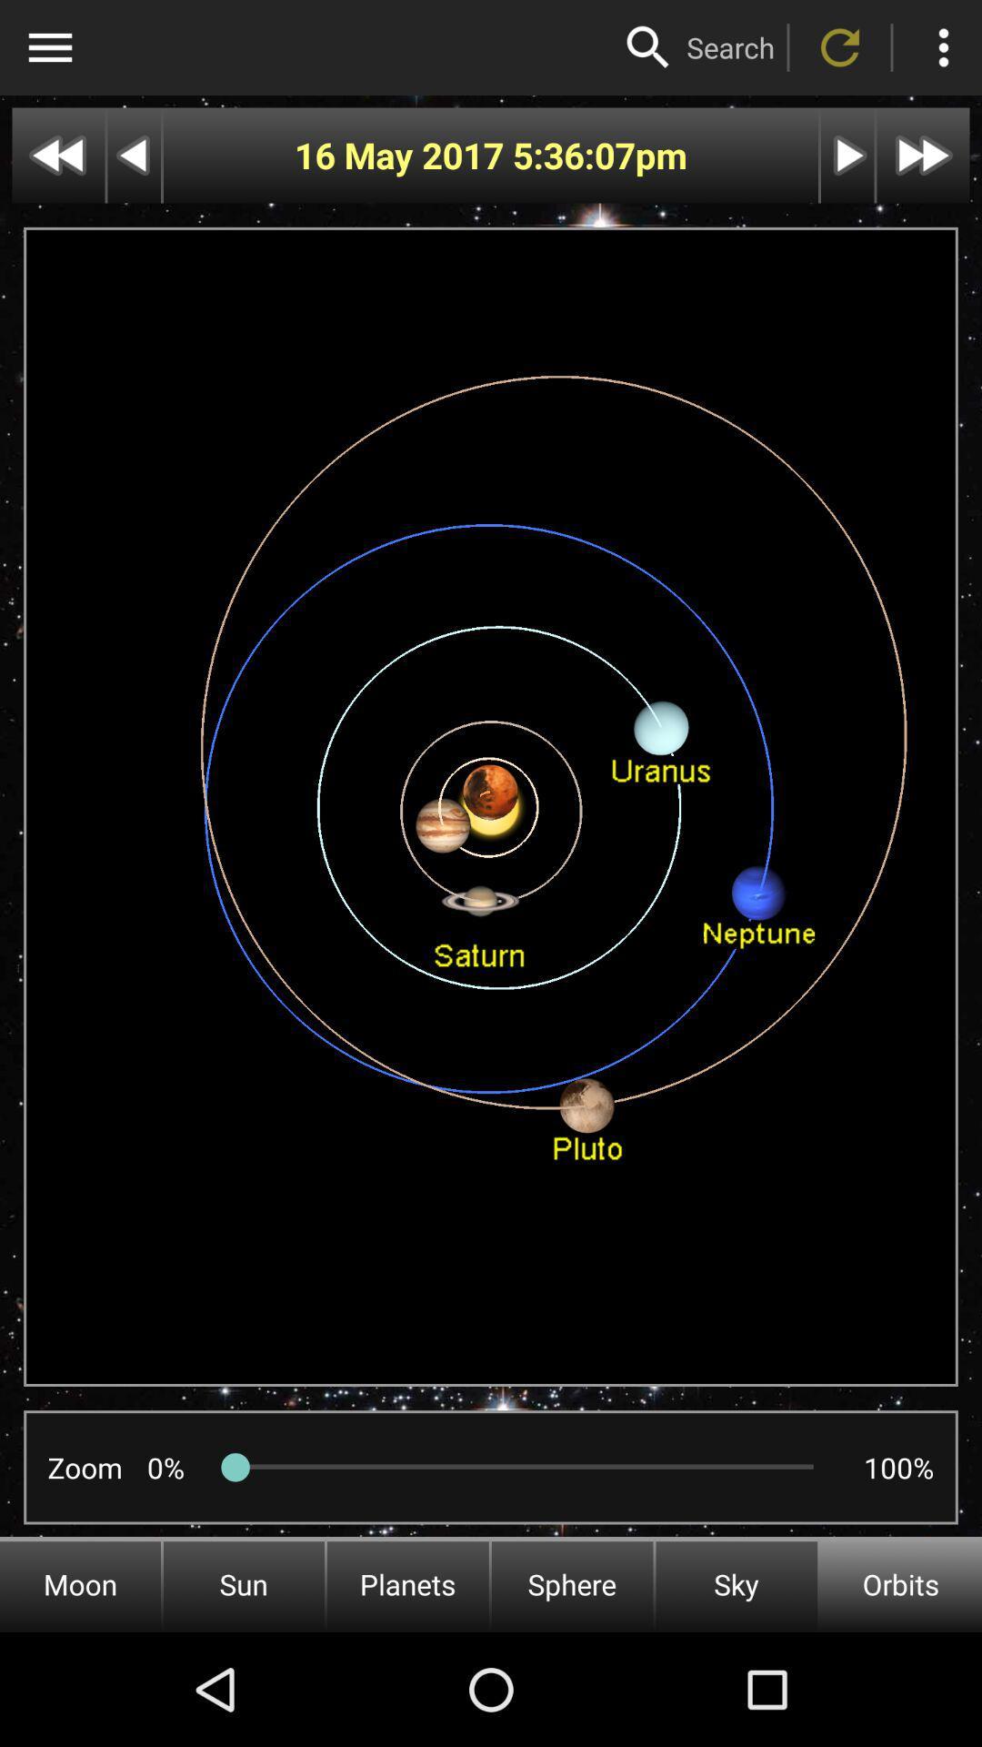  What do you see at coordinates (647, 47) in the screenshot?
I see `the search icon` at bounding box center [647, 47].